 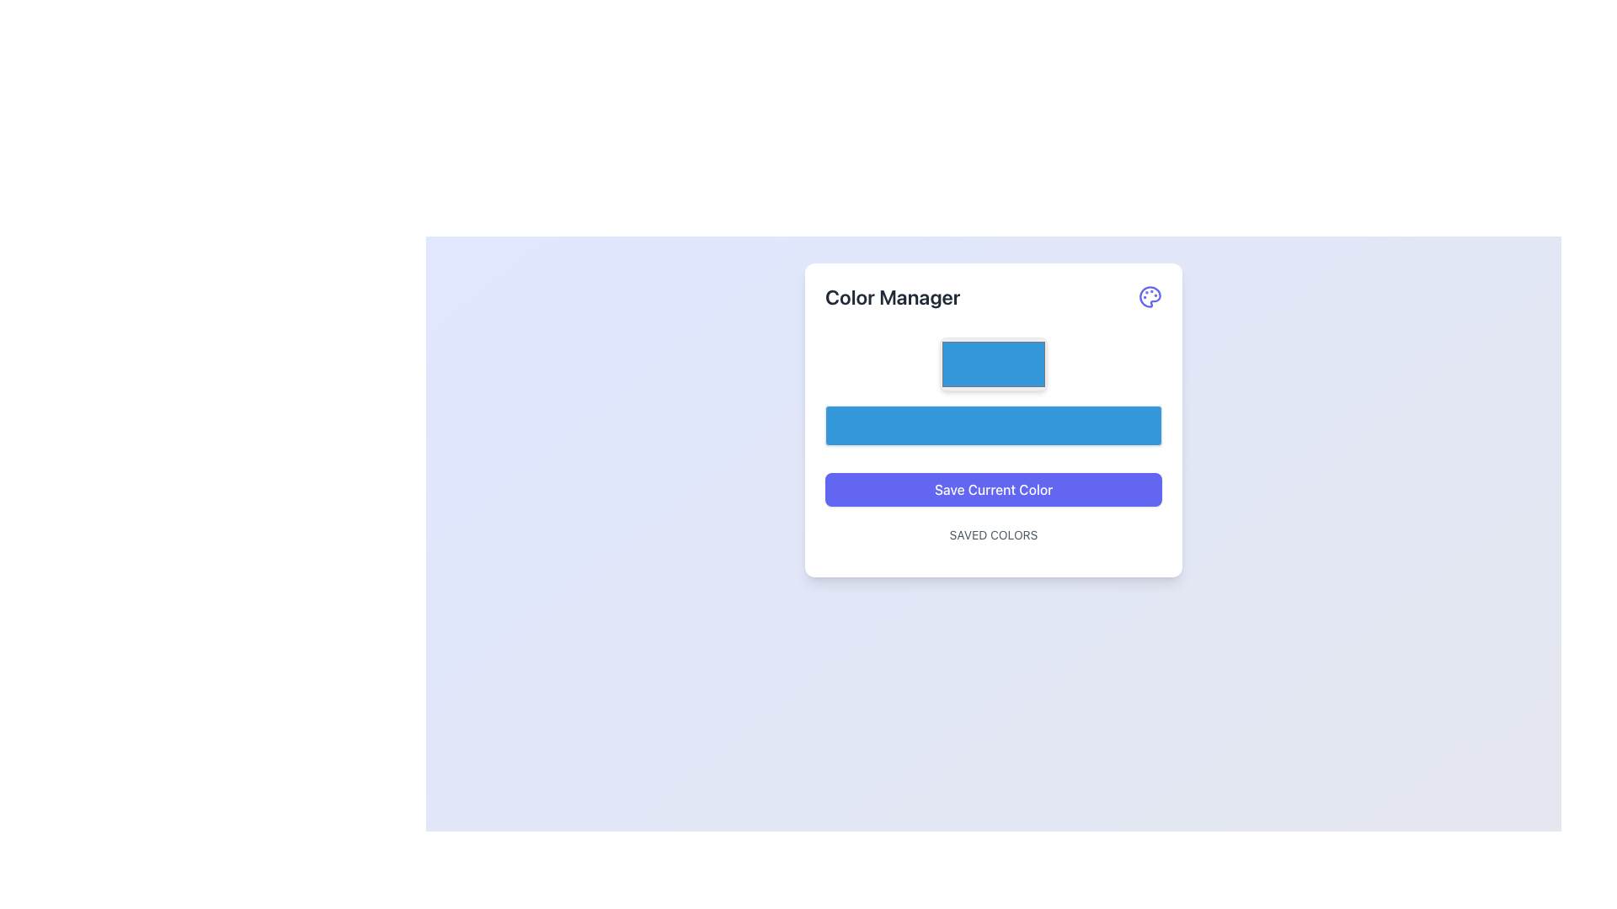 I want to click on the Label that serves as a heading for the saved color options section in the 'Color Manager' modal, positioned below the 'Save Current Color' button, so click(x=994, y=542).